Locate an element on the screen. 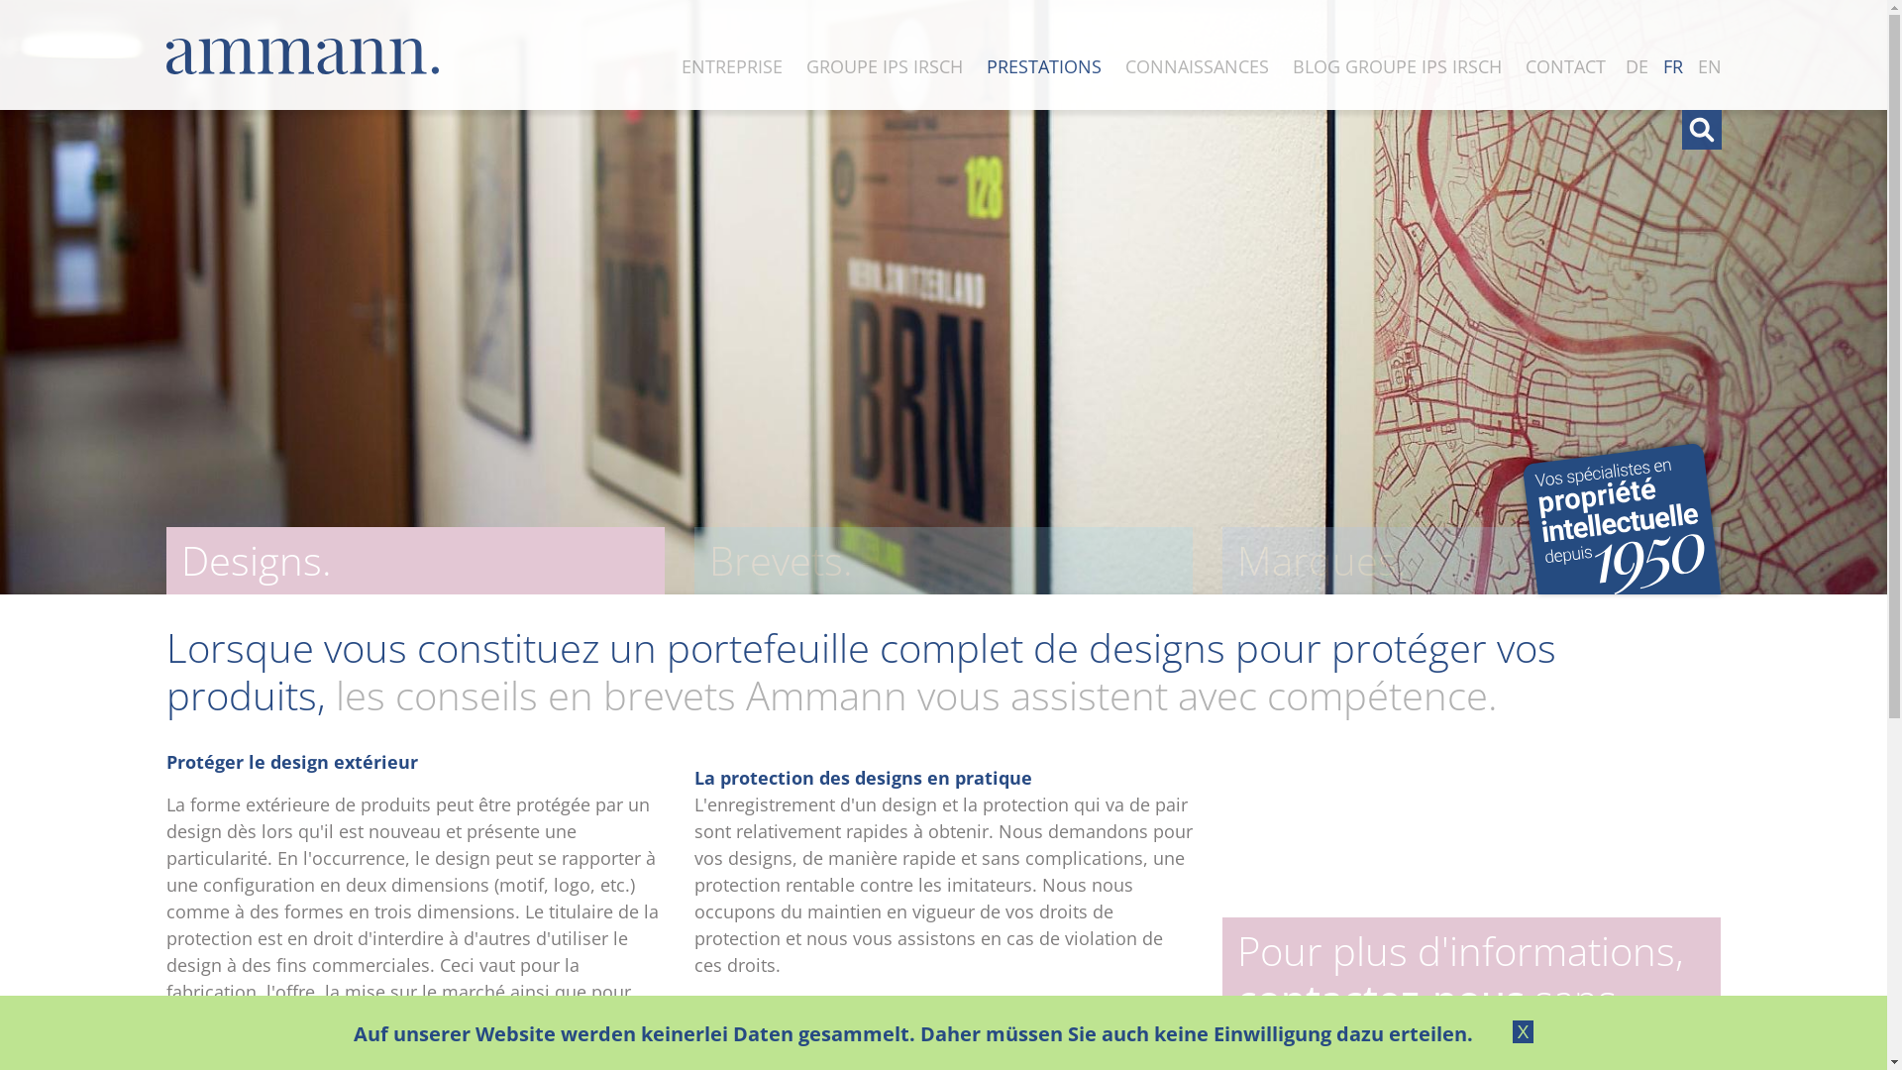  'Designs.' is located at coordinates (414, 561).